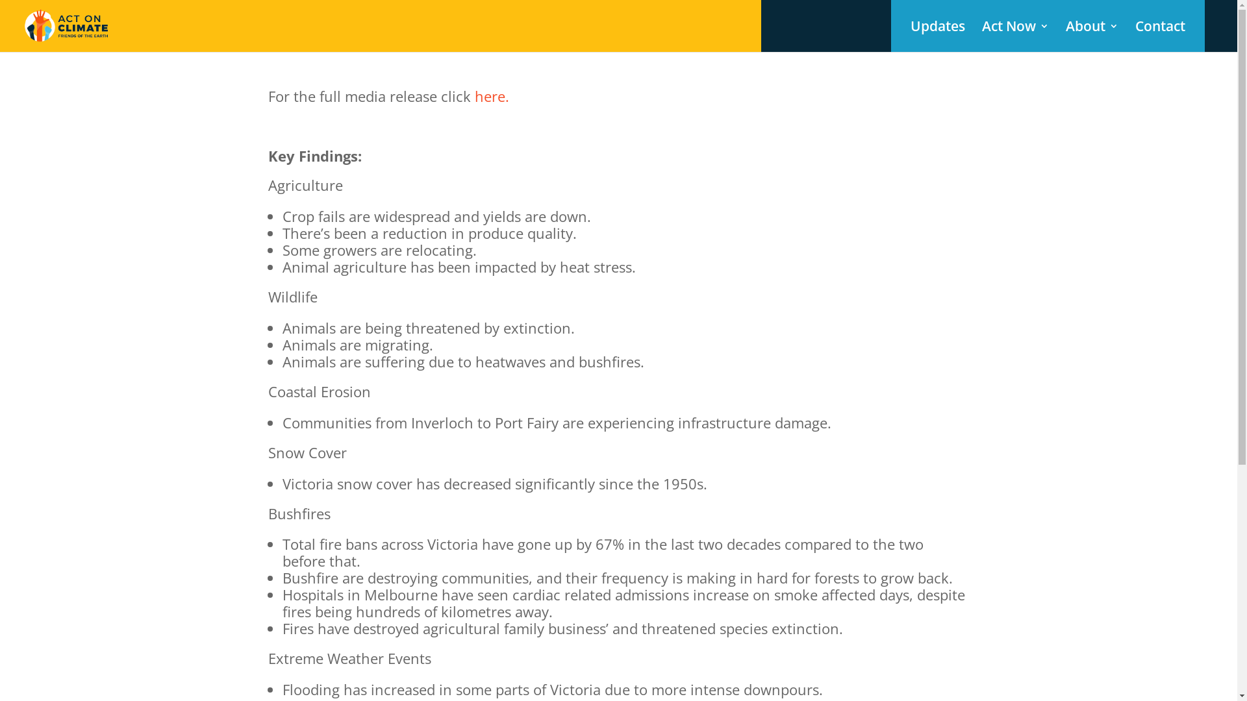 The width and height of the screenshot is (1247, 701). I want to click on 'Updates', so click(909, 36).